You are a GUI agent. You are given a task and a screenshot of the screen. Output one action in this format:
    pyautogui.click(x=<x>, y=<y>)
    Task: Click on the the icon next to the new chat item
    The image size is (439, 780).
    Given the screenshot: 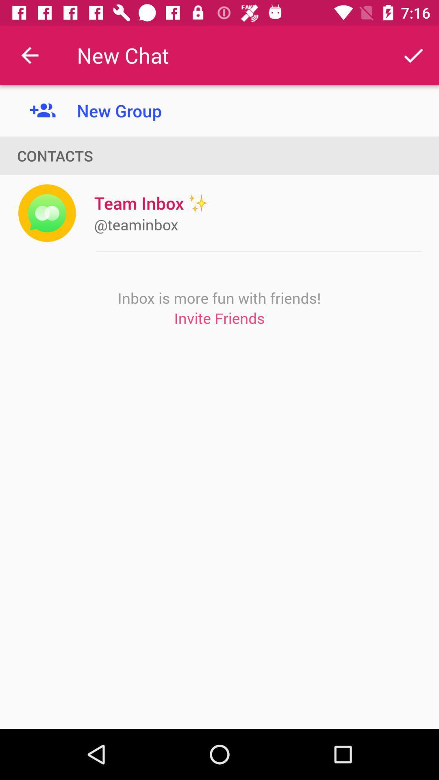 What is the action you would take?
    pyautogui.click(x=413, y=55)
    